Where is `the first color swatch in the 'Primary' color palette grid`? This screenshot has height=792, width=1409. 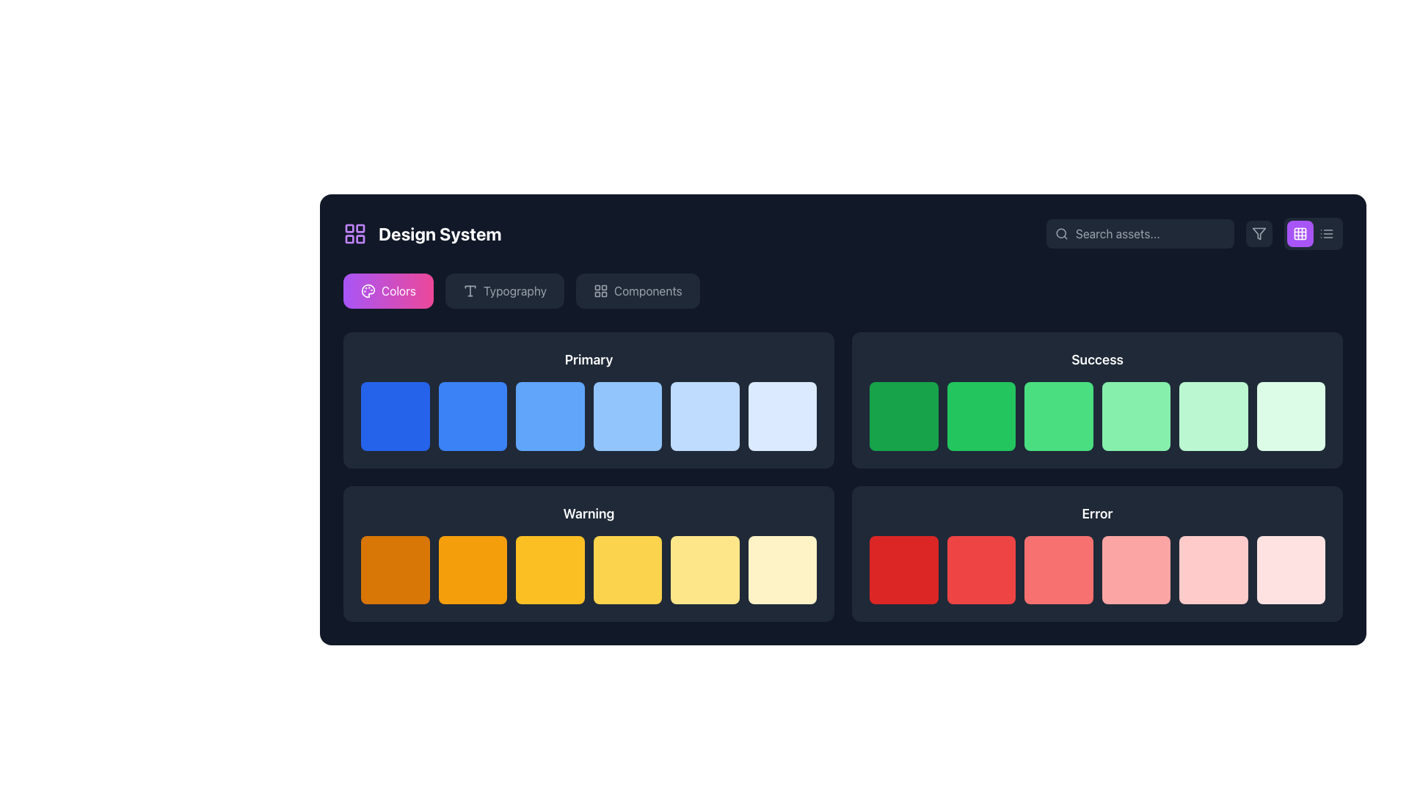 the first color swatch in the 'Primary' color palette grid is located at coordinates (395, 416).